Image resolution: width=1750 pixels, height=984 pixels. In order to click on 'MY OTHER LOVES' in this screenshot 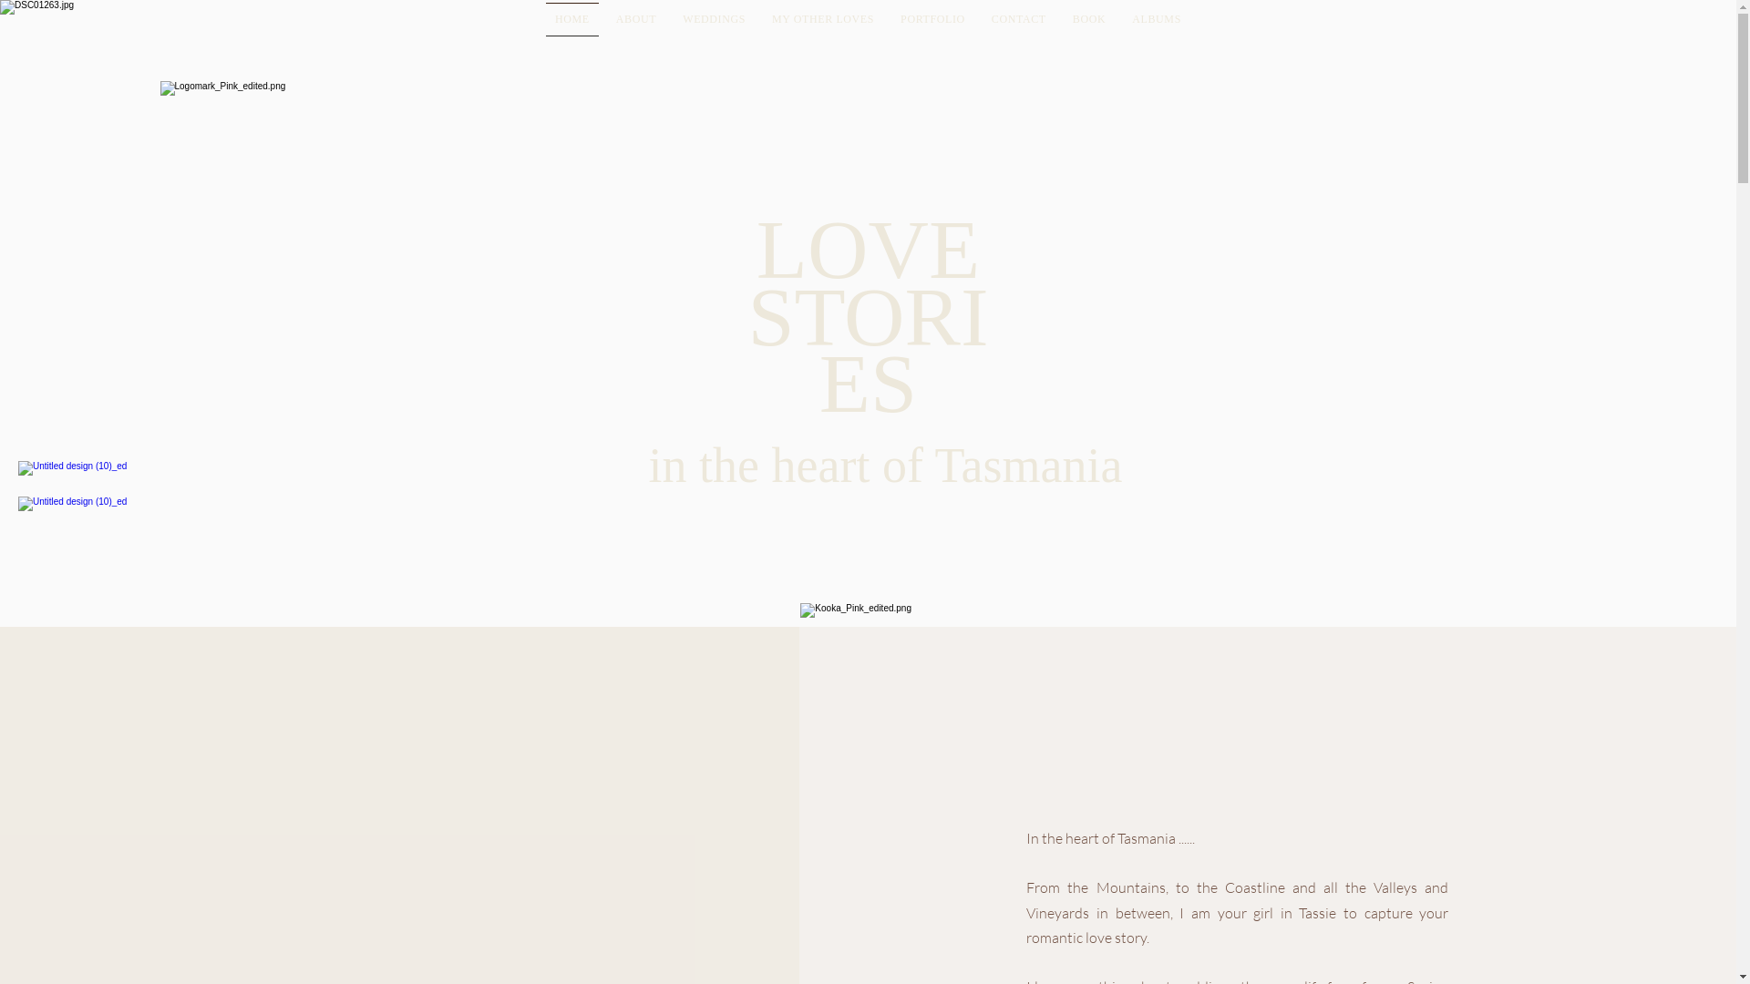, I will do `click(822, 19)`.